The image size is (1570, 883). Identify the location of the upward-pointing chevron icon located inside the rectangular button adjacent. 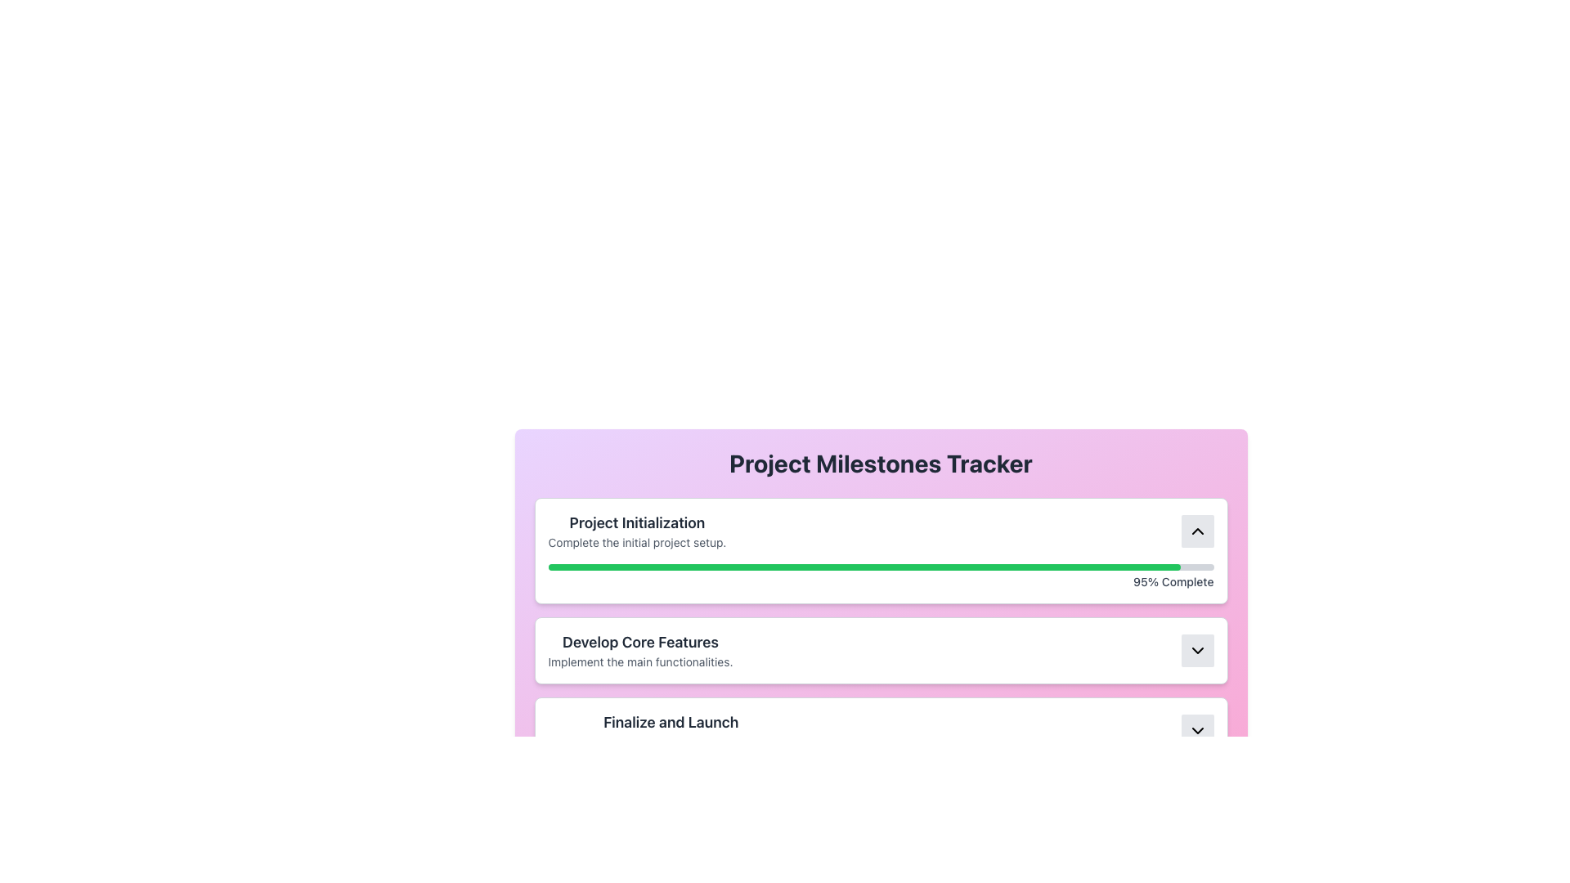
(1197, 531).